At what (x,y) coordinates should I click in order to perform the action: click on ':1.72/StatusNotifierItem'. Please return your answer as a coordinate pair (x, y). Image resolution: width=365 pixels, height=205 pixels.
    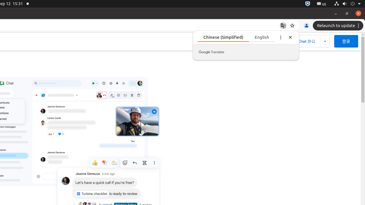
    Looking at the image, I should click on (307, 4).